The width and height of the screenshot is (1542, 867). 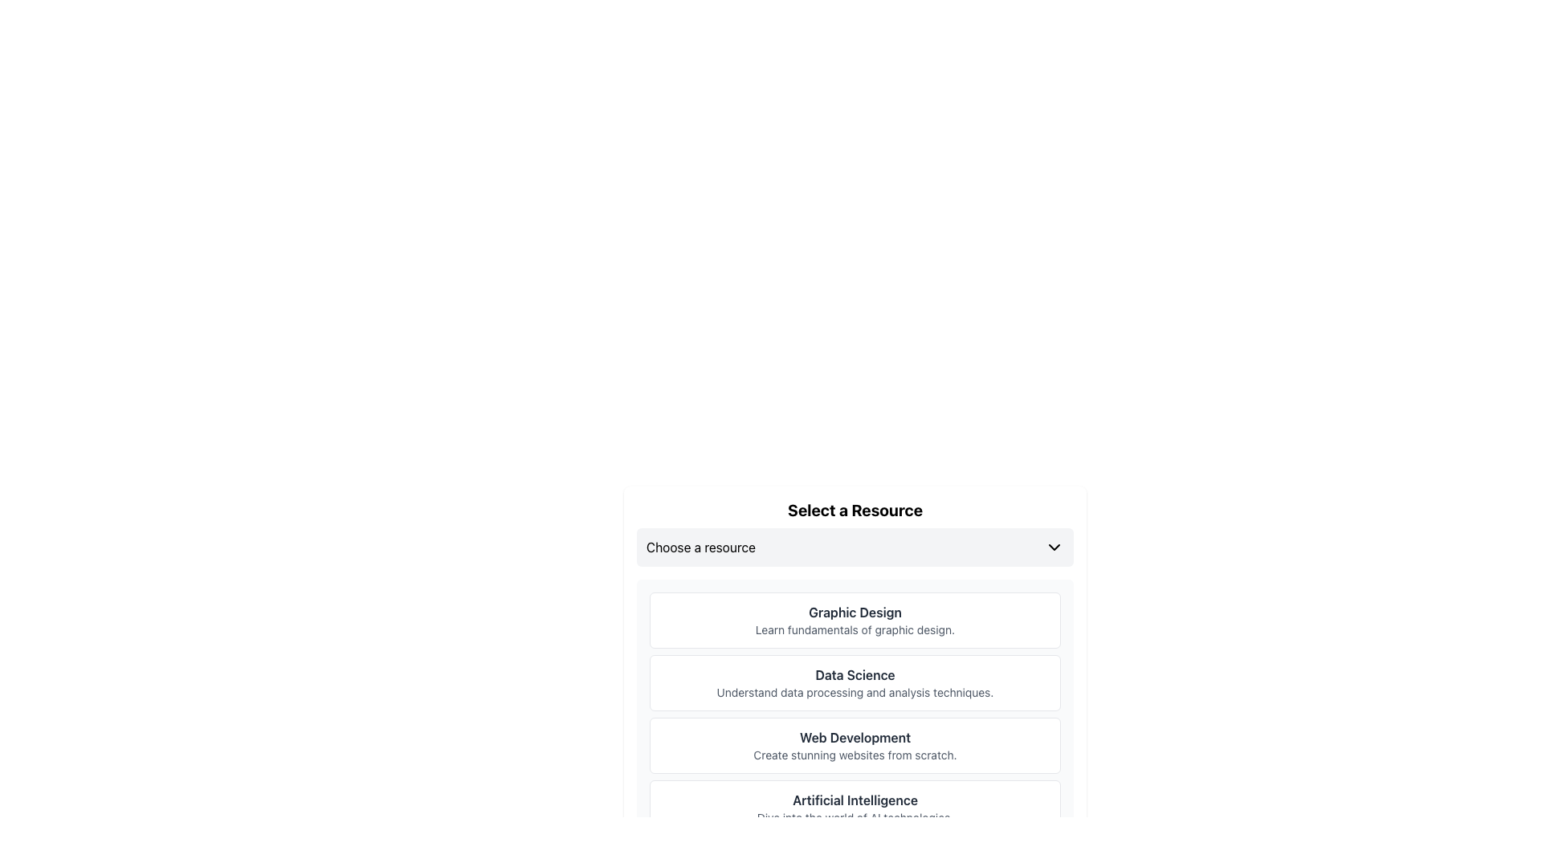 I want to click on the header displaying 'Select a Resource', which is prominently styled in bold and larger font, serving as the title for the section below, so click(x=855, y=511).